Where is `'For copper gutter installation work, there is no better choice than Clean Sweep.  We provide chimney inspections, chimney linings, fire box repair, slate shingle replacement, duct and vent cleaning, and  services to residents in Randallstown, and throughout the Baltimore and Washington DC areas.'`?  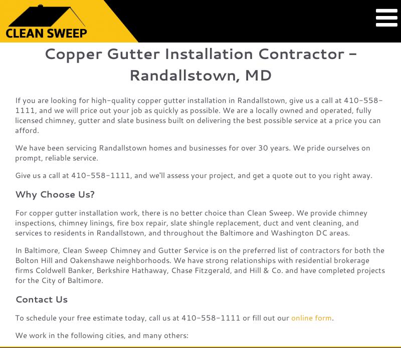 'For copper gutter installation work, there is no better choice than Clean Sweep.  We provide chimney inspections, chimney linings, fire box repair, slate shingle replacement, duct and vent cleaning, and  services to residents in Randallstown, and throughout the Baltimore and Washington DC areas.' is located at coordinates (190, 222).